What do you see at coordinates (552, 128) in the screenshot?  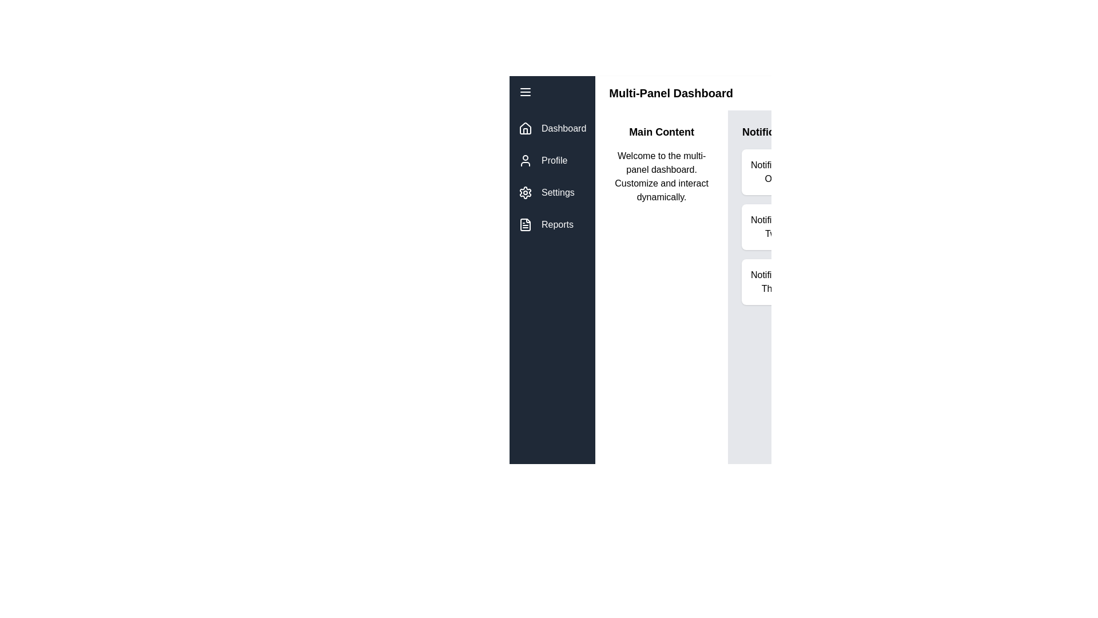 I see `the 'Dashboard' menu item, which is the first entry in the vertical sidebar menu and features a house icon followed by the text 'Dashboard'` at bounding box center [552, 128].